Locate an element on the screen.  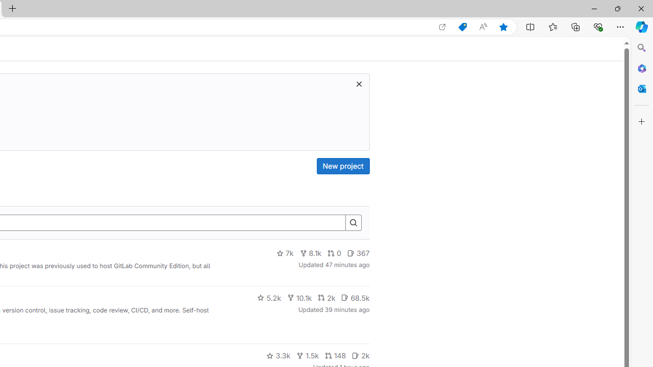
'3.3k' is located at coordinates (278, 355).